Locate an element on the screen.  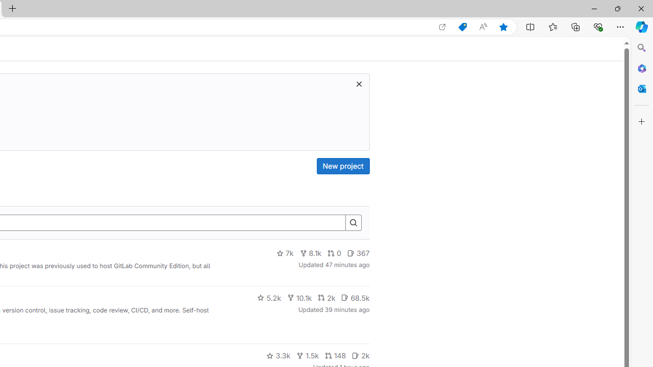
'3.3k' is located at coordinates (278, 355).